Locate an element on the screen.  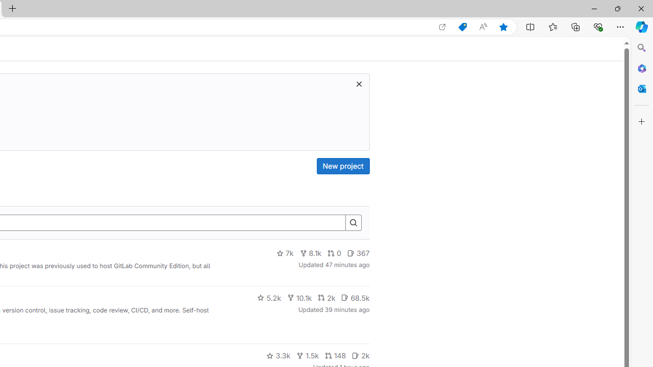
'3.3k' is located at coordinates (278, 355).